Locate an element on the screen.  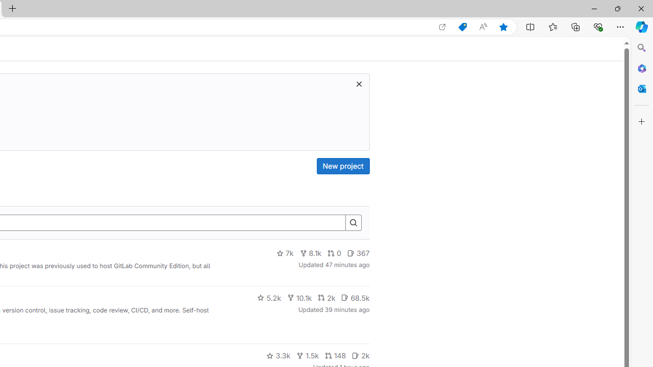
'3.3k' is located at coordinates (278, 355).